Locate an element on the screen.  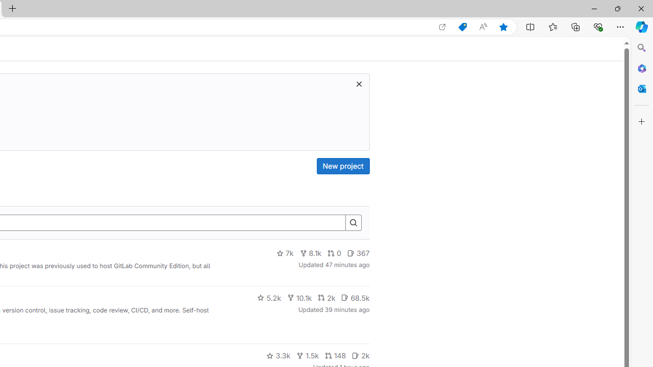
'3.3k' is located at coordinates (278, 355).